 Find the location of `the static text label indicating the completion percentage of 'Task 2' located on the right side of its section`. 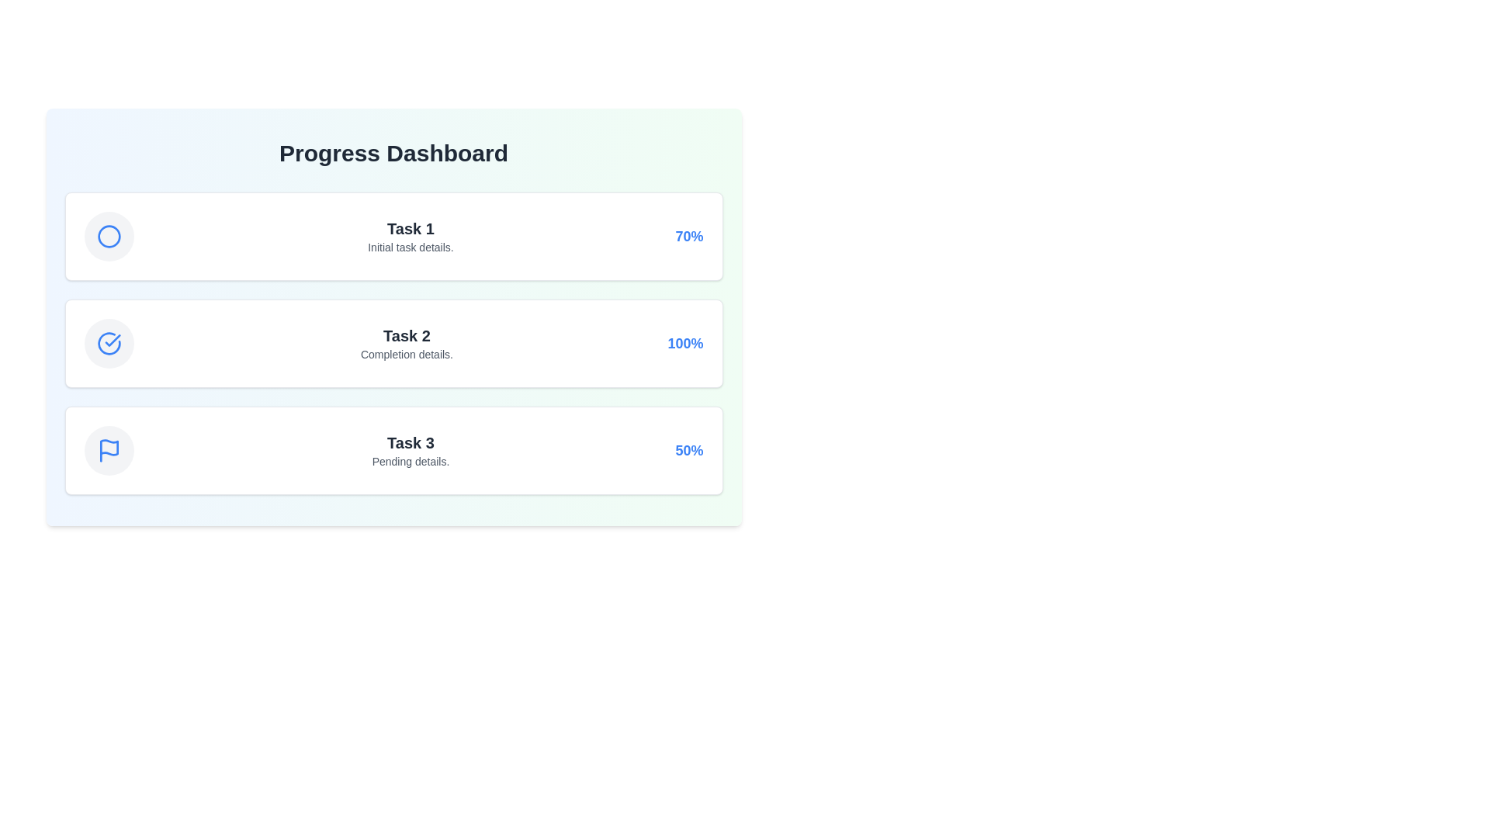

the static text label indicating the completion percentage of 'Task 2' located on the right side of its section is located at coordinates (684, 343).